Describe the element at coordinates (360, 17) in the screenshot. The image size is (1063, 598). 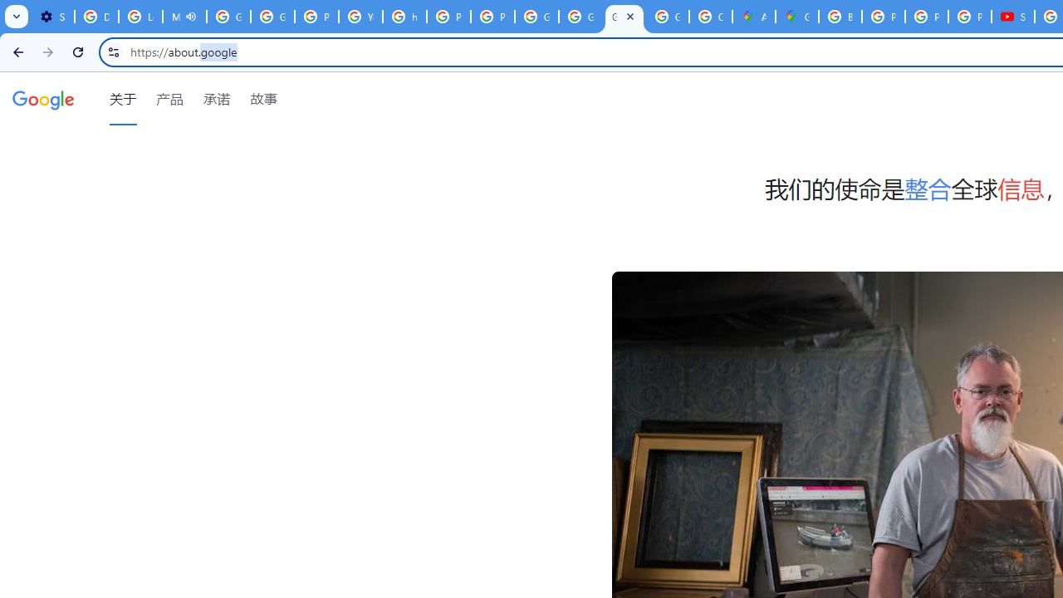
I see `'YouTube'` at that location.